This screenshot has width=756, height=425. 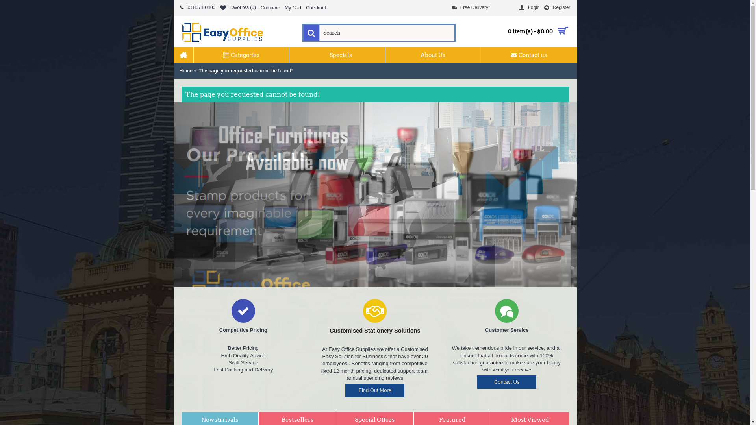 What do you see at coordinates (293, 7) in the screenshot?
I see `'My Cart'` at bounding box center [293, 7].